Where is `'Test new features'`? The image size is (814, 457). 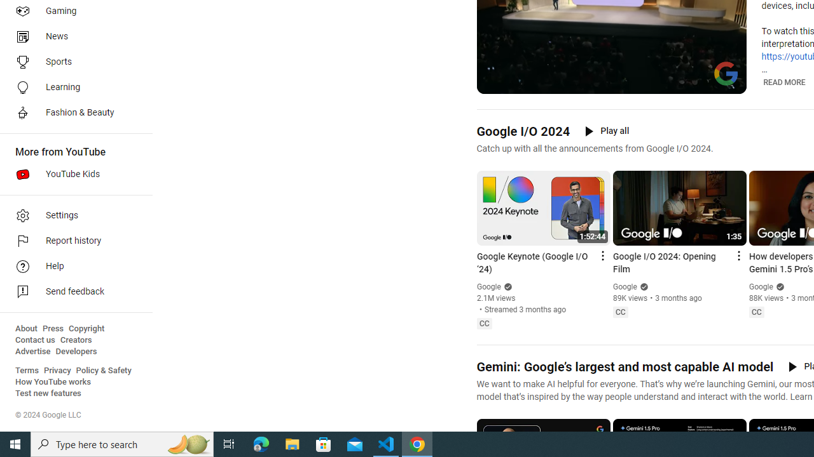
'Test new features' is located at coordinates (48, 393).